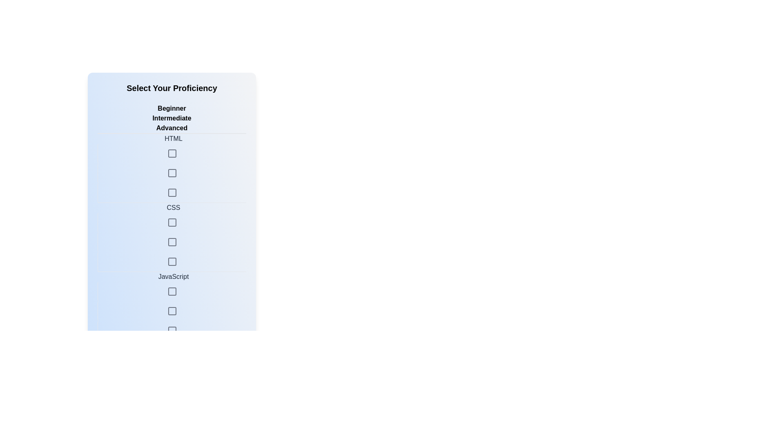 This screenshot has width=784, height=441. What do you see at coordinates (171, 202) in the screenshot?
I see `the skill level Beginner for the skill CSS` at bounding box center [171, 202].